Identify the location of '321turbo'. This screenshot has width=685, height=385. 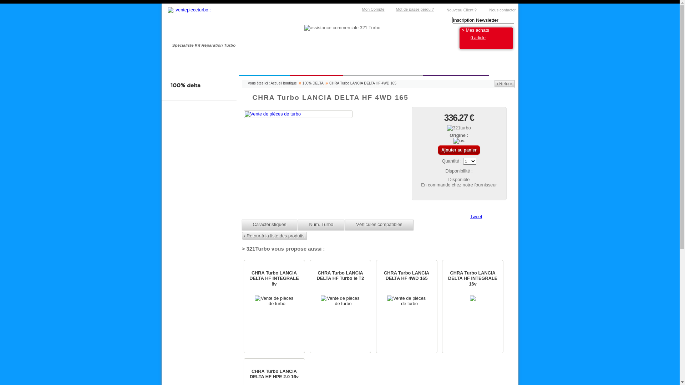
(459, 127).